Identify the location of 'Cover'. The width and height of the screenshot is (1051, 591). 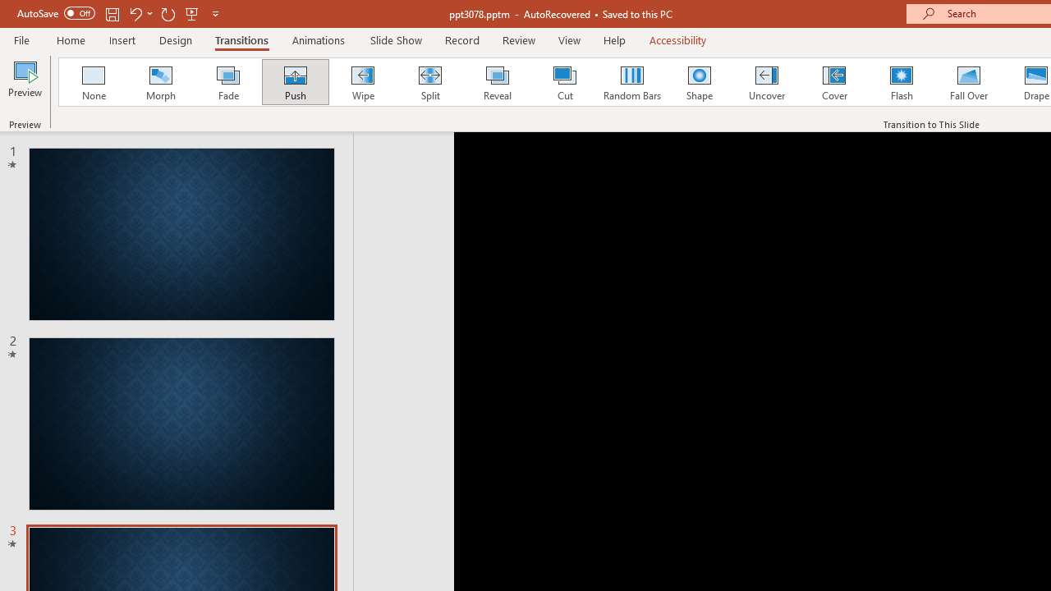
(834, 82).